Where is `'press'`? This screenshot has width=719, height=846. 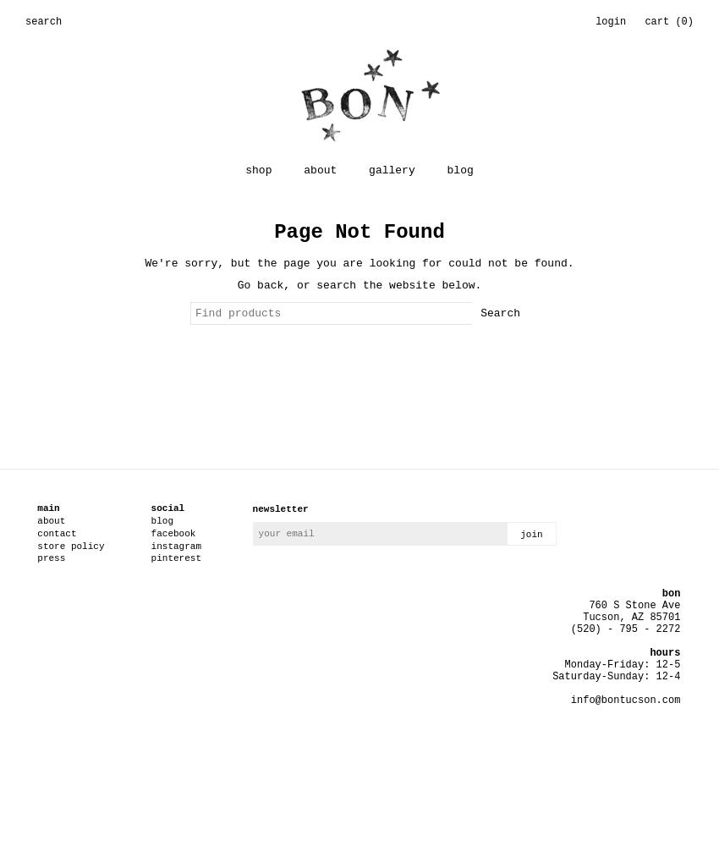 'press' is located at coordinates (51, 558).